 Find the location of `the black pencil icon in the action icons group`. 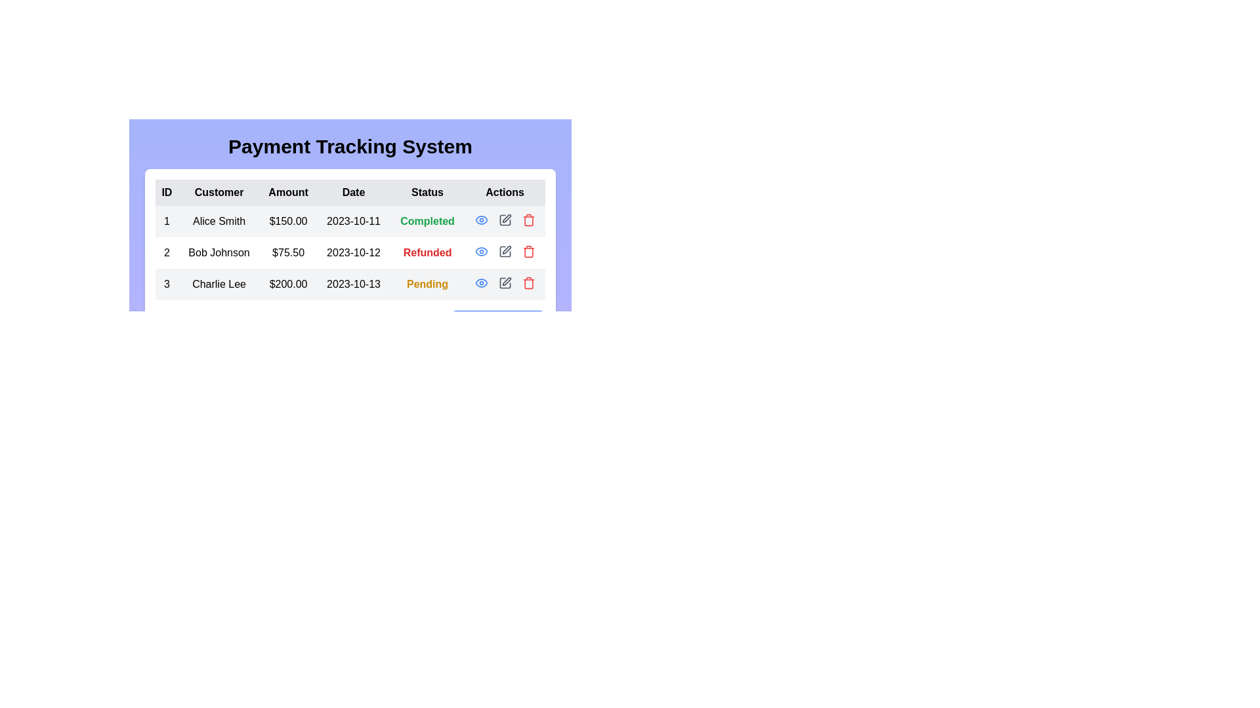

the black pencil icon in the action icons group is located at coordinates (504, 219).